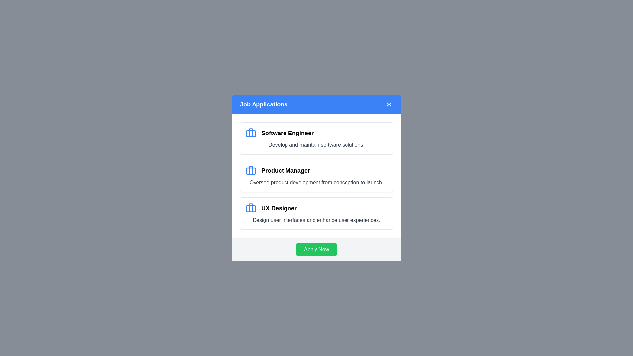  Describe the element at coordinates (316, 138) in the screenshot. I see `assistive technology` at that location.